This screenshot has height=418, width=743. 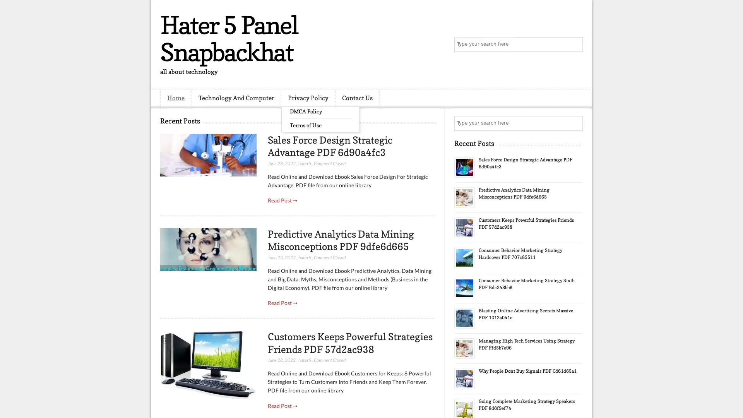 What do you see at coordinates (575, 123) in the screenshot?
I see `Search` at bounding box center [575, 123].